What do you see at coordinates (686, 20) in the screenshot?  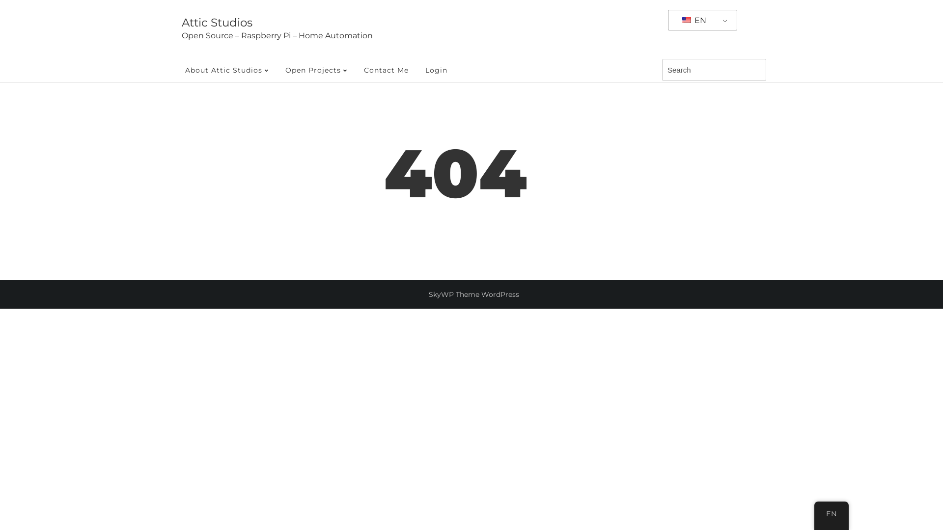 I see `'English'` at bounding box center [686, 20].